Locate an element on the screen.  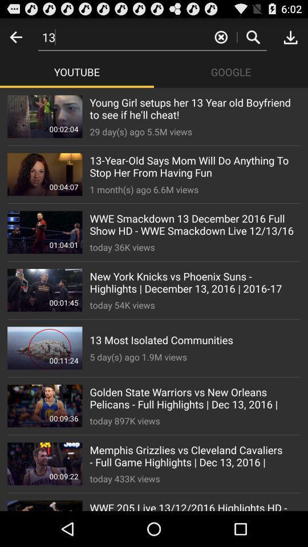
download to device is located at coordinates (290, 37).